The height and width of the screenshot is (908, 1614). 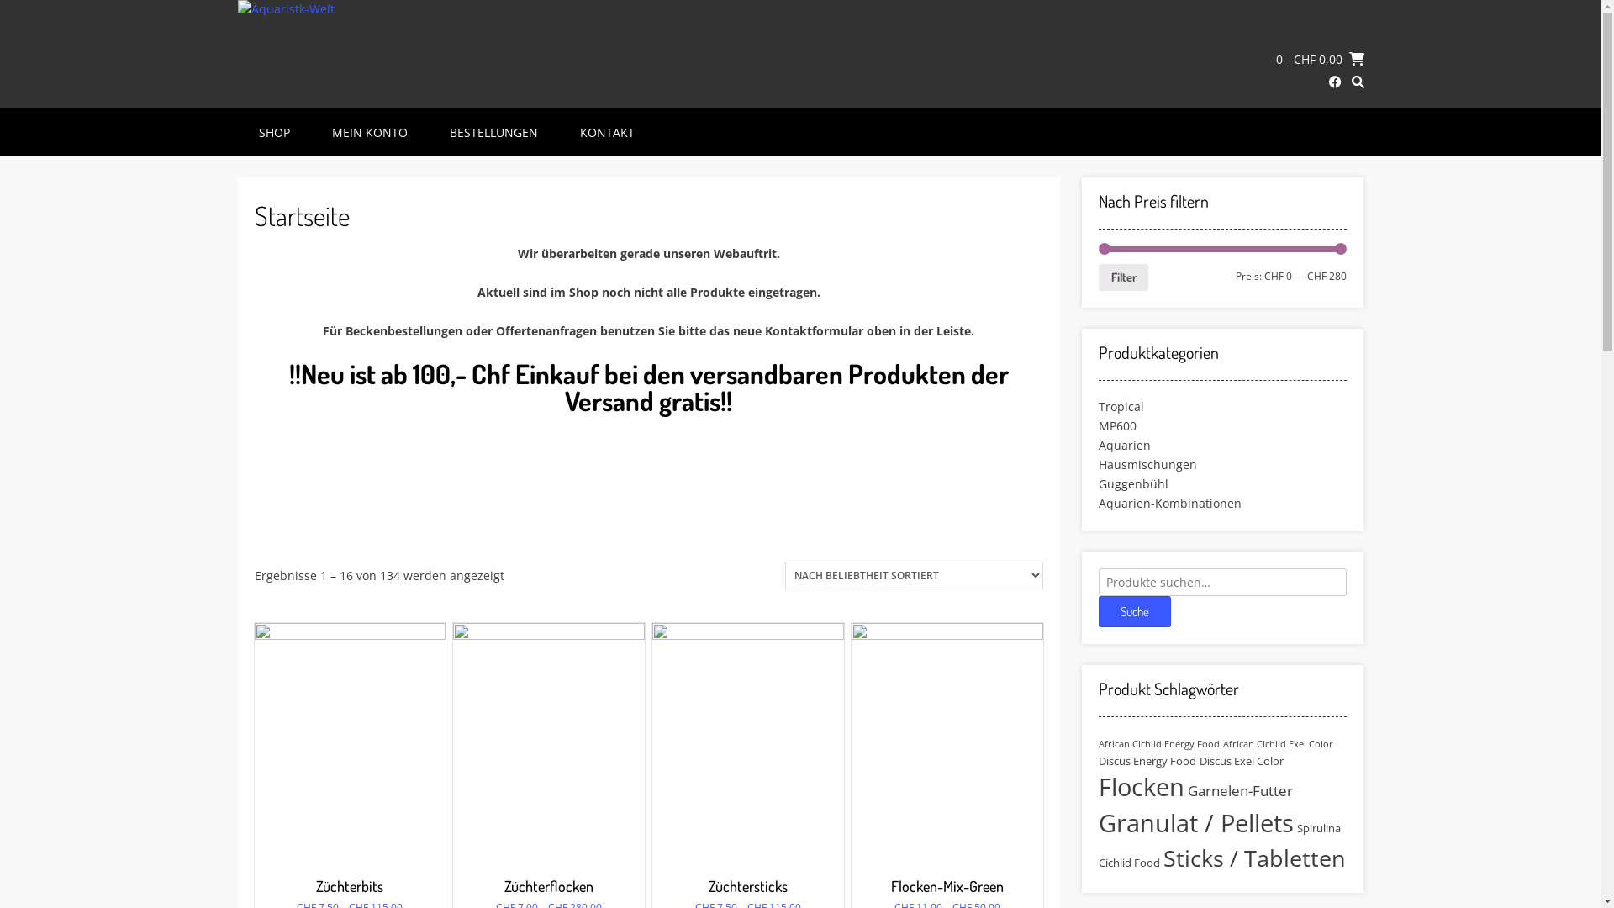 What do you see at coordinates (1158, 742) in the screenshot?
I see `'African Cichlid Energy Food'` at bounding box center [1158, 742].